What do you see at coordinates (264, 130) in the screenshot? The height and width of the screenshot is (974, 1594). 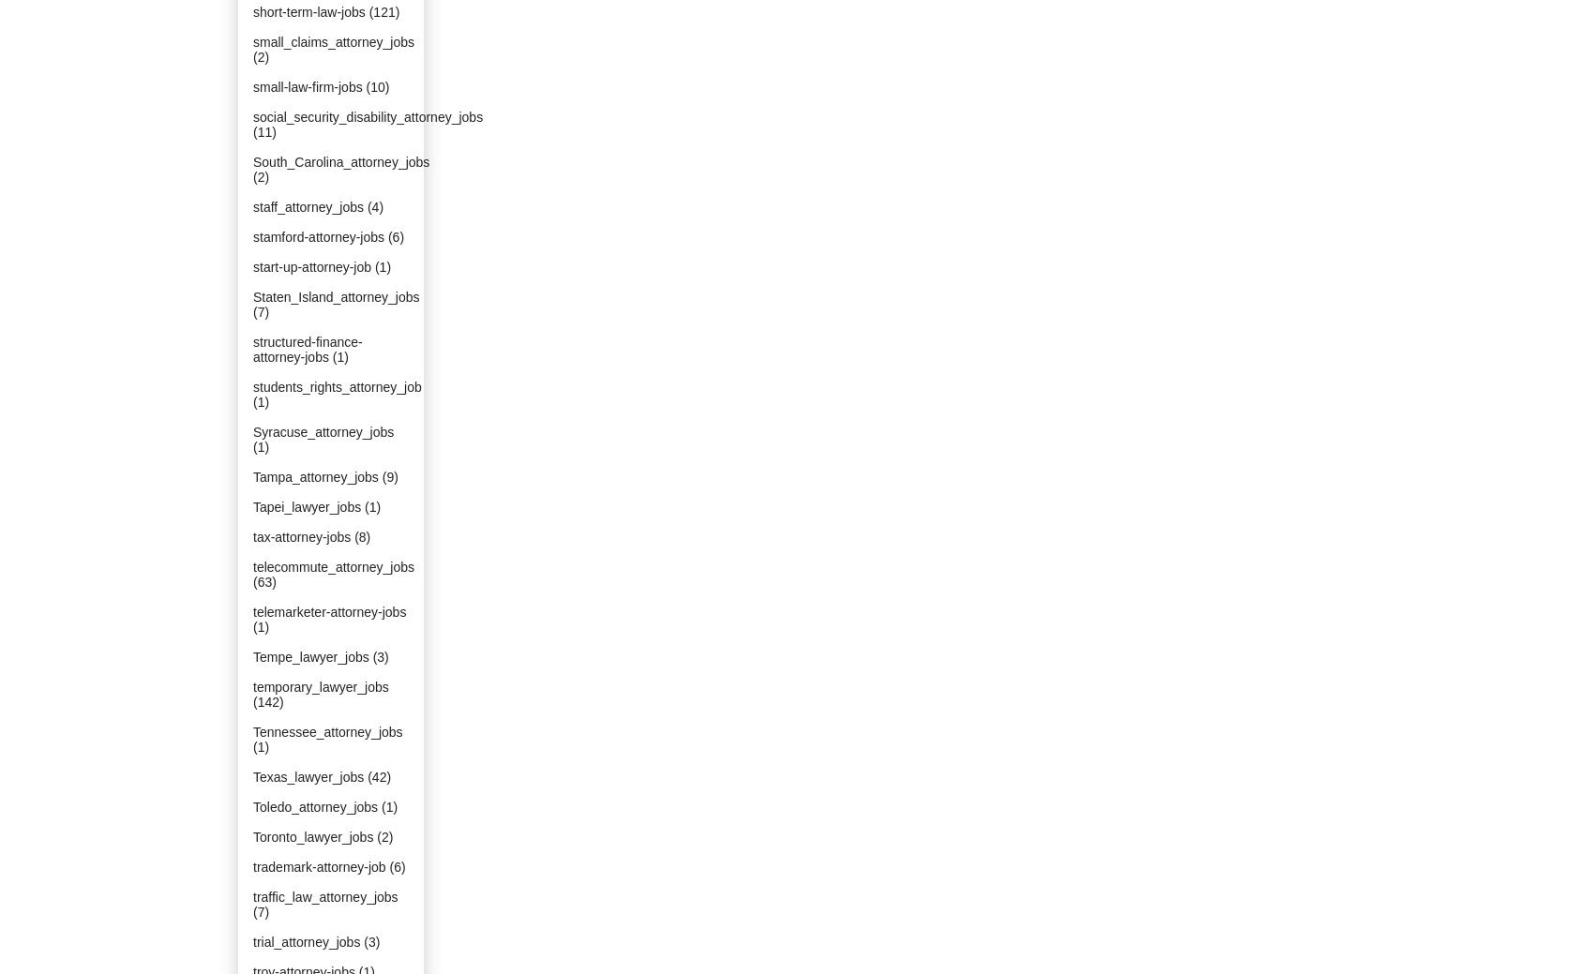 I see `'(11)'` at bounding box center [264, 130].